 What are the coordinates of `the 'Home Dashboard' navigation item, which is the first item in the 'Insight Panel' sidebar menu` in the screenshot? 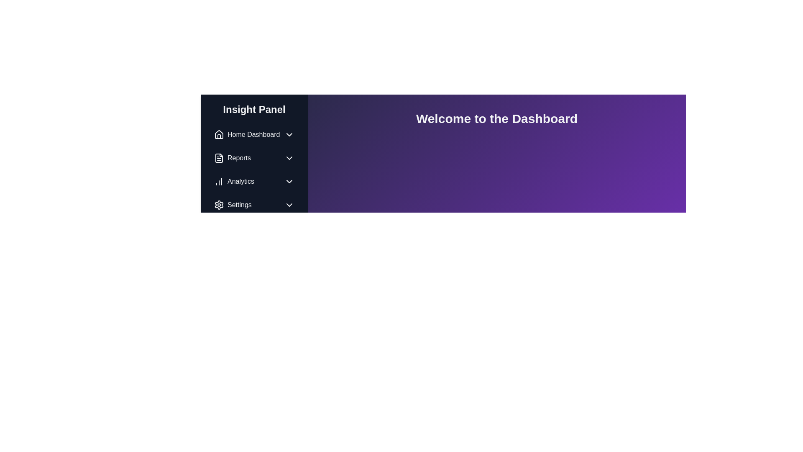 It's located at (246, 134).